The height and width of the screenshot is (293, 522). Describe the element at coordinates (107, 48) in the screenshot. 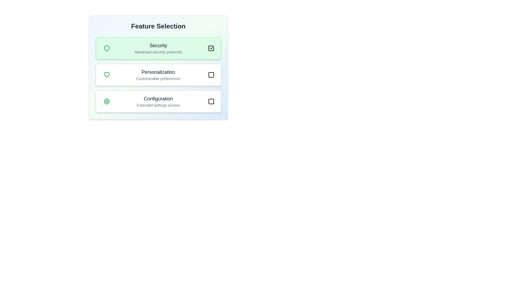

I see `the shield-shaped icon representing the 'Security' feature, which is located at the far left of the green-highlighted rectangle containing the Security feature item` at that location.